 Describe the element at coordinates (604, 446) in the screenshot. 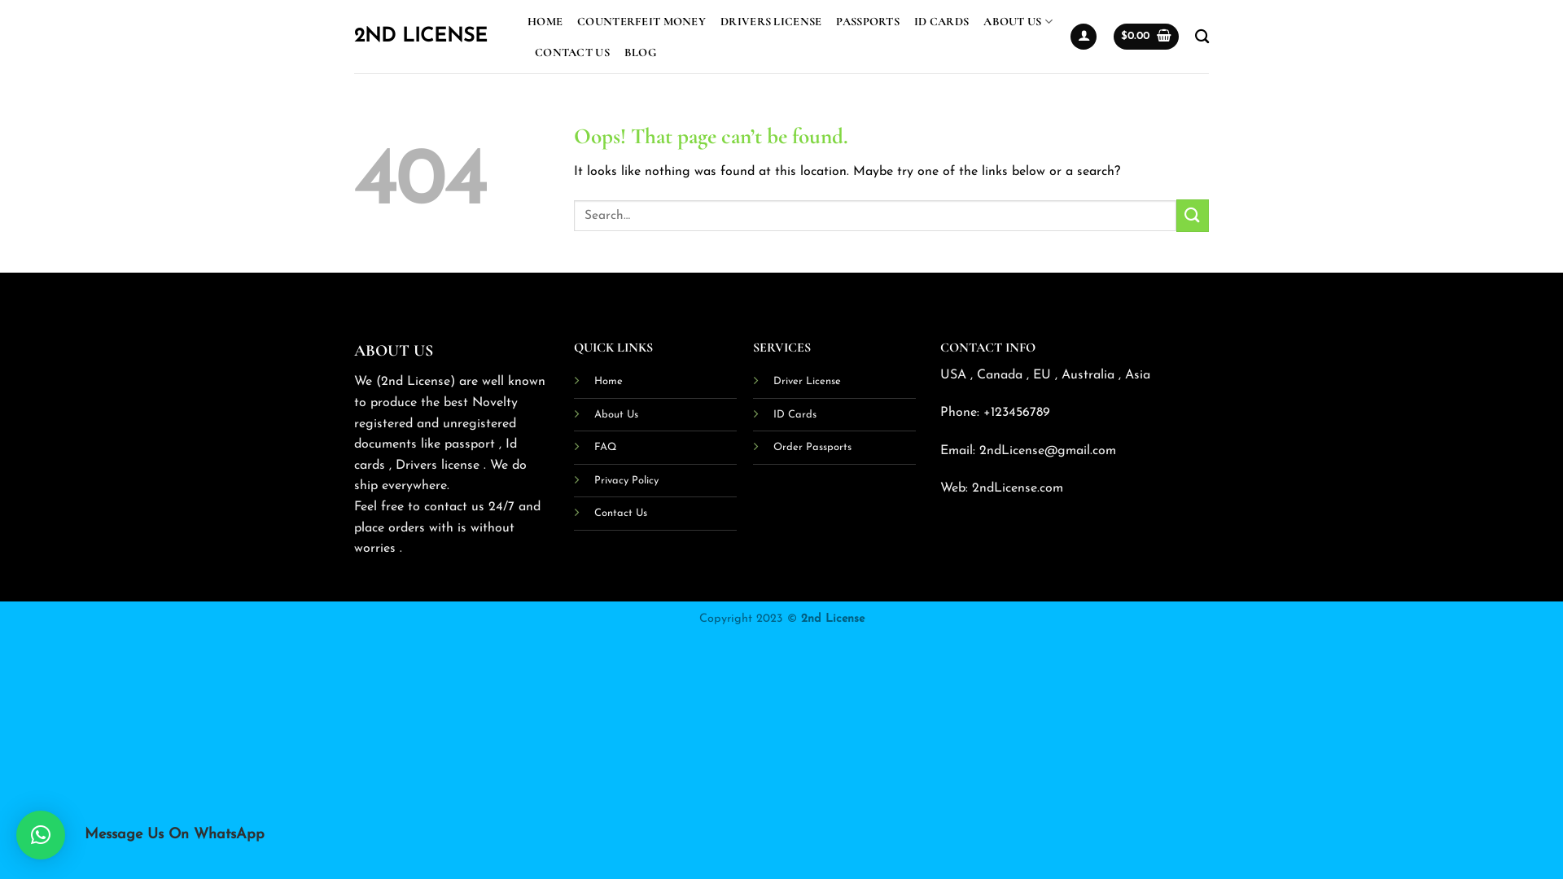

I see `'FAQ'` at that location.